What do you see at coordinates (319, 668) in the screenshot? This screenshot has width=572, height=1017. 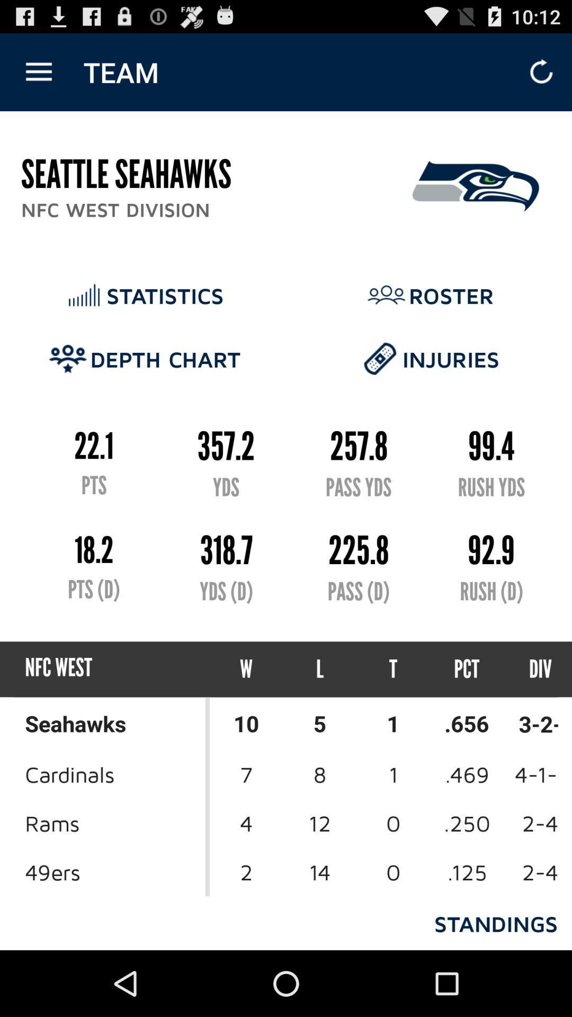 I see `icon next to w` at bounding box center [319, 668].